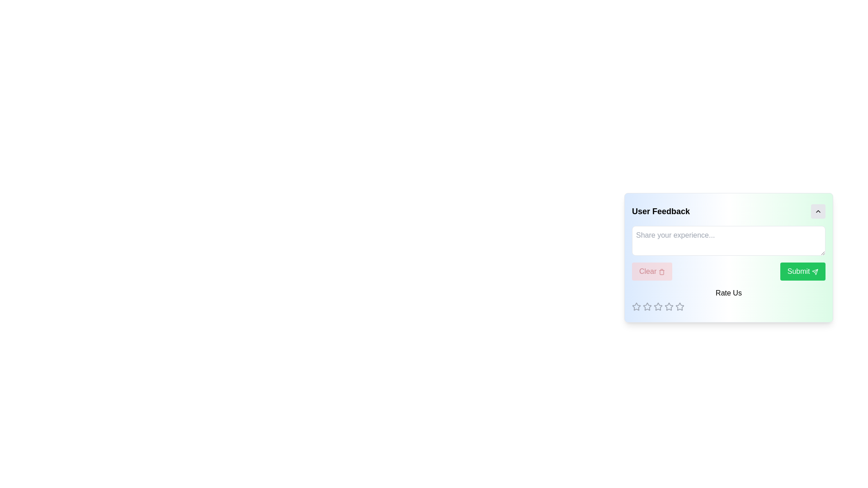  I want to click on the Text label that instructs users to leave feedback by using the stars below it, located above the interactive star icons and between the 'Clear' and 'Submit' buttons, so click(729, 300).